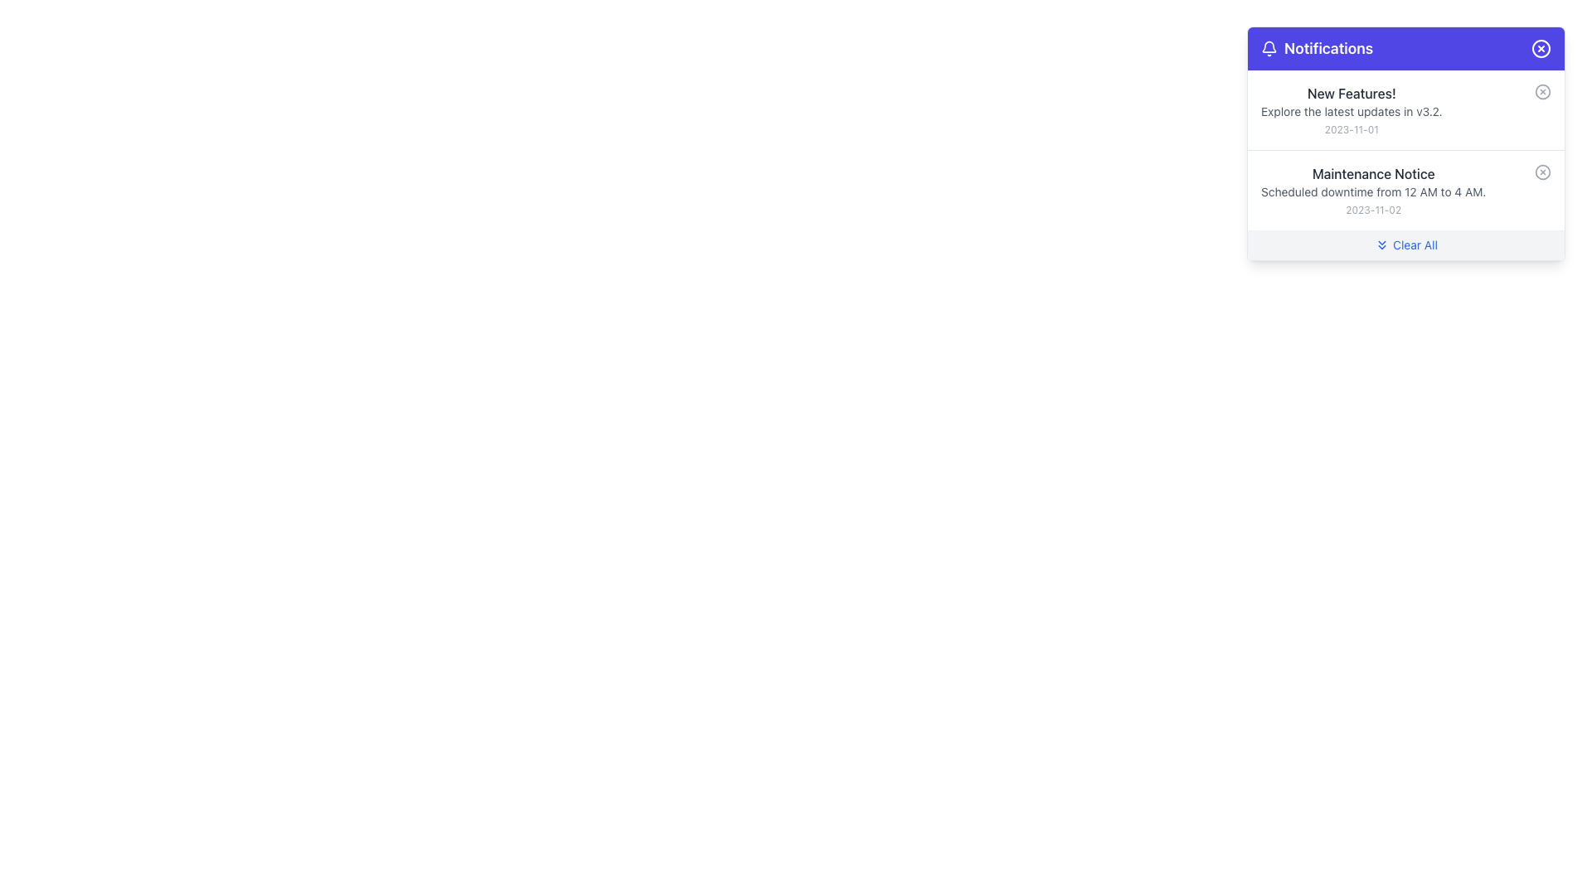 This screenshot has height=895, width=1592. Describe the element at coordinates (1405, 245) in the screenshot. I see `the 'Clear All' button located at the bottom section of the notification card to clear notifications` at that location.